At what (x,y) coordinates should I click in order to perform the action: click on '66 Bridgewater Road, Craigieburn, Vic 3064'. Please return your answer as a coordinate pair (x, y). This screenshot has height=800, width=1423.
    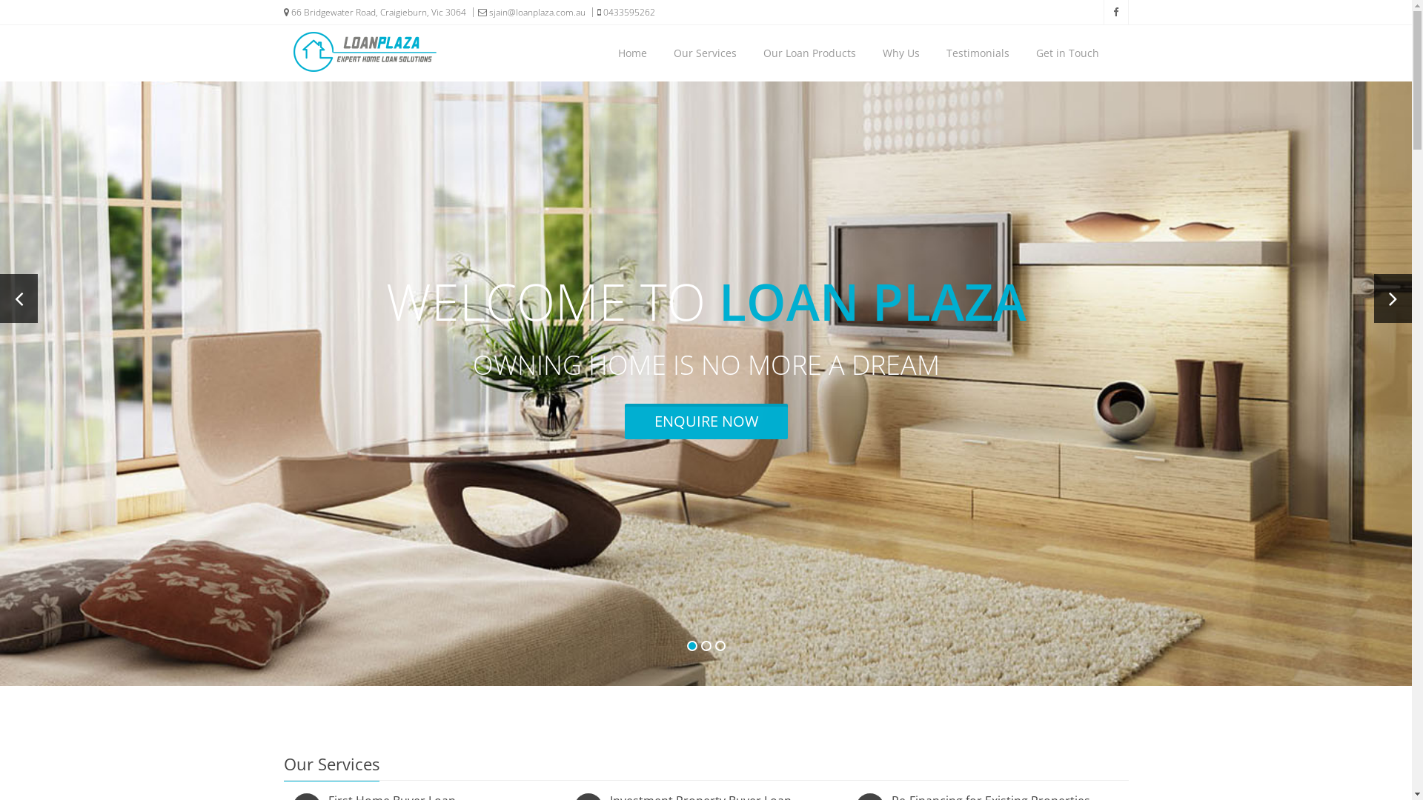
    Looking at the image, I should click on (374, 12).